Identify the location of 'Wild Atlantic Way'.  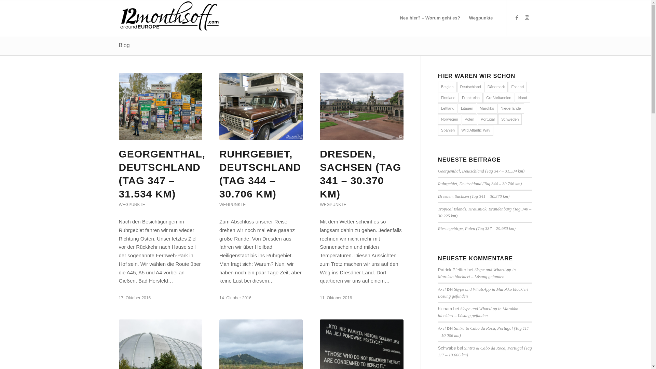
(458, 130).